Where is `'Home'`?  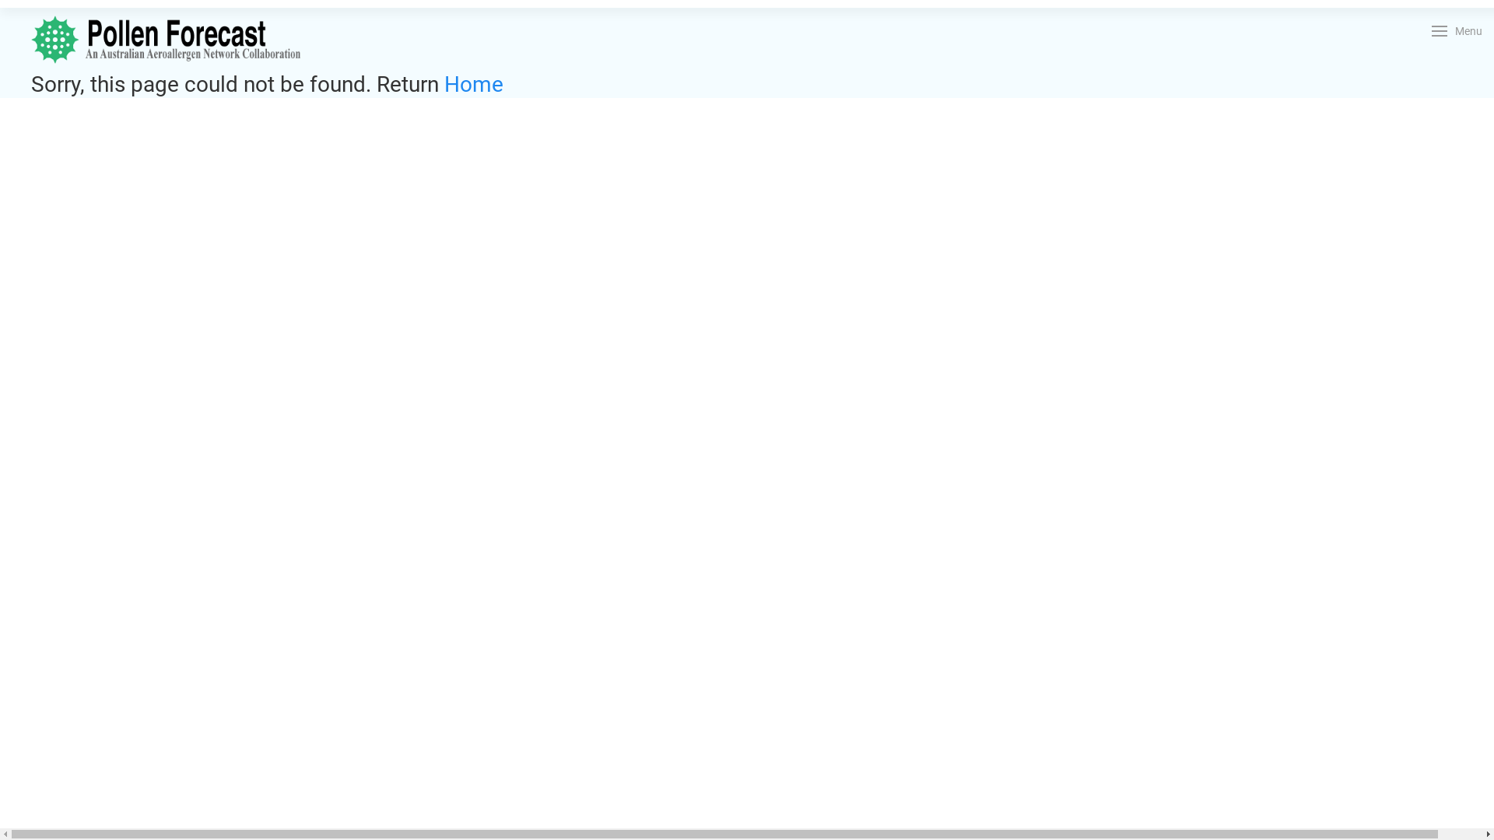
'Home' is located at coordinates (473, 84).